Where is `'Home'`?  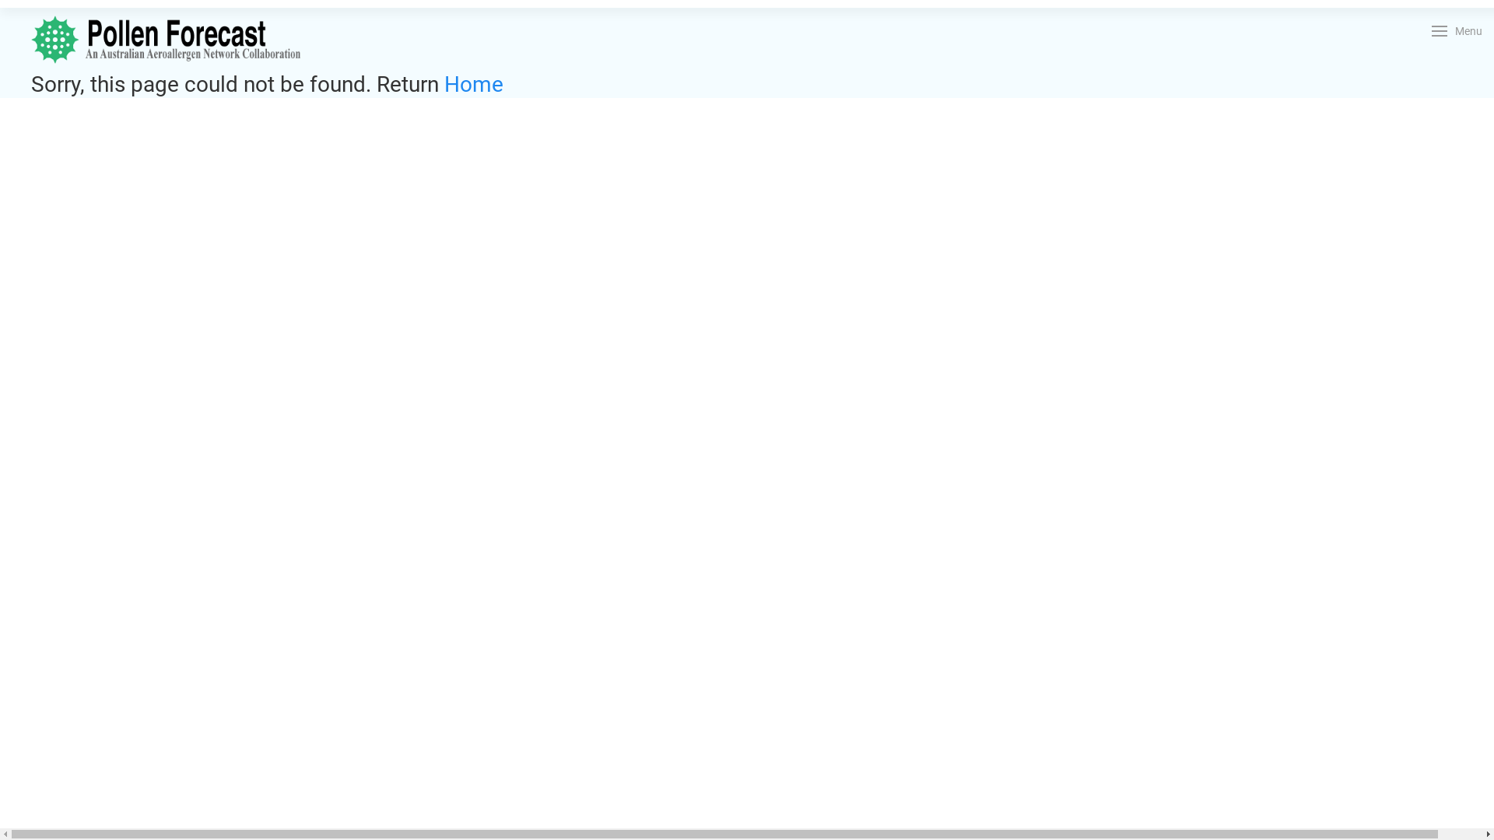
'Home' is located at coordinates (473, 84).